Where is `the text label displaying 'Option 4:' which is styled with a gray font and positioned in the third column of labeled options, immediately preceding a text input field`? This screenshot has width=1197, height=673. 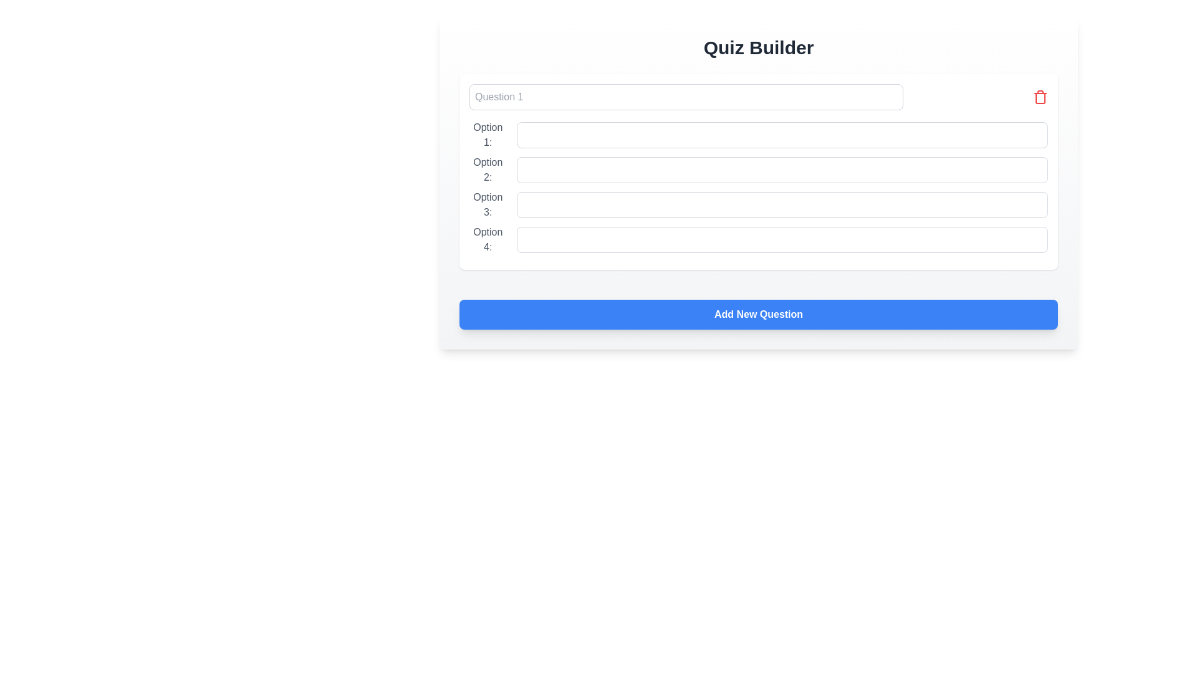
the text label displaying 'Option 4:' which is styled with a gray font and positioned in the third column of labeled options, immediately preceding a text input field is located at coordinates (487, 240).